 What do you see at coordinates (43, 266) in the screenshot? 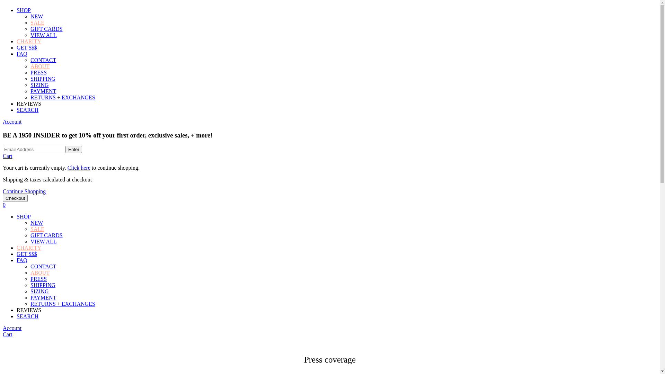
I see `'CONTACT'` at bounding box center [43, 266].